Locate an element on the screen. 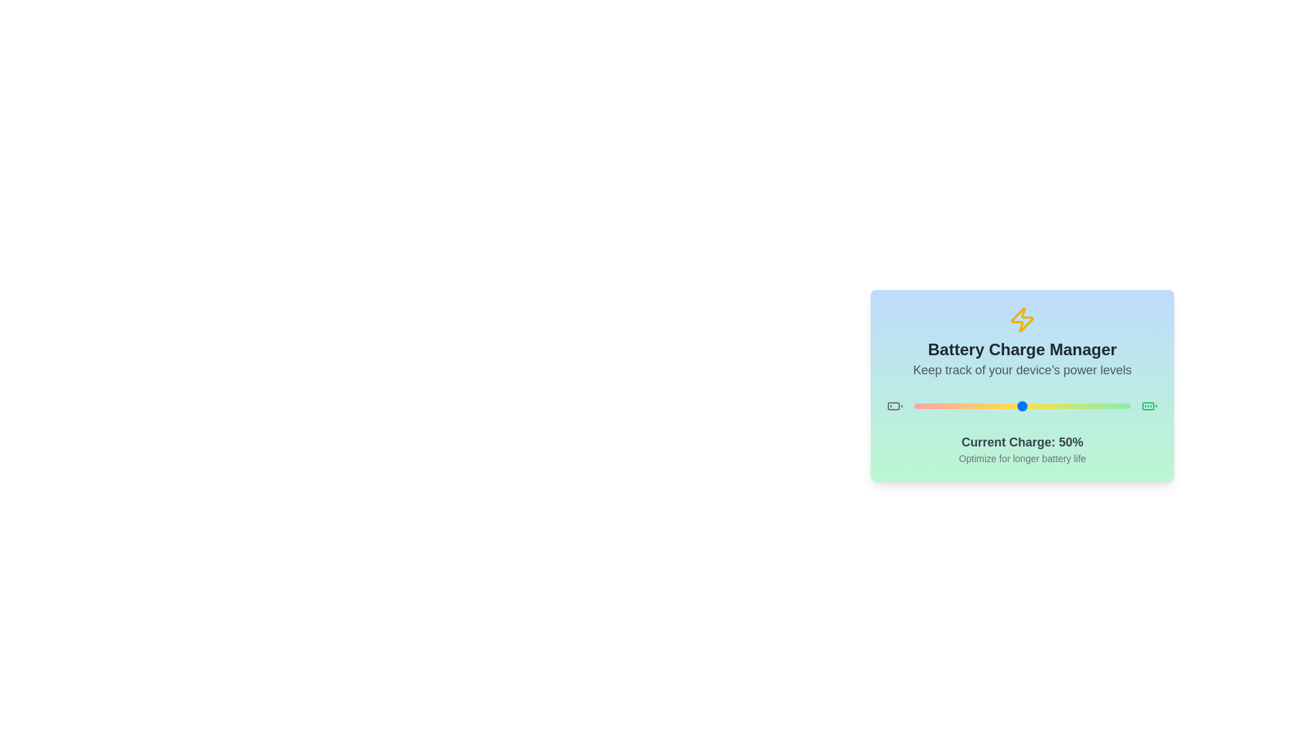 Image resolution: width=1307 pixels, height=735 pixels. the battery charge level to 0% using the slider is located at coordinates (914, 406).